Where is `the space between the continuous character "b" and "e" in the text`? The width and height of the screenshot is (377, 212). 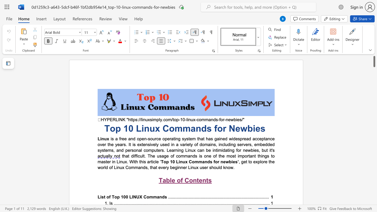 the space between the continuous character "b" and "e" in the text is located at coordinates (172, 167).